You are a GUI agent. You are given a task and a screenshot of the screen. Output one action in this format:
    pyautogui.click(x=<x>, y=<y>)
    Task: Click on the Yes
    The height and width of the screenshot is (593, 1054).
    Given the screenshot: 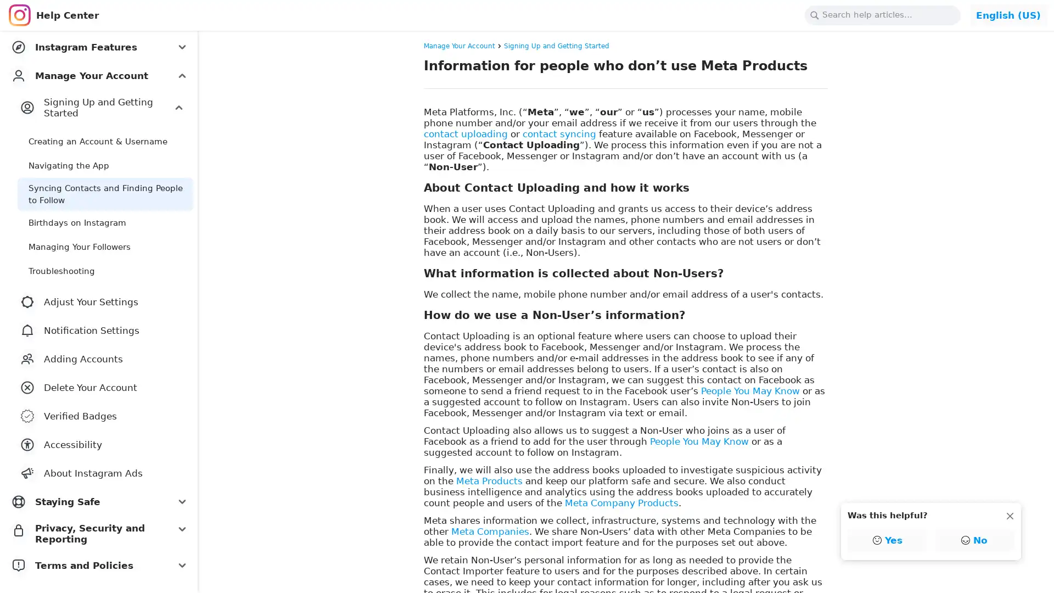 What is the action you would take?
    pyautogui.click(x=888, y=539)
    